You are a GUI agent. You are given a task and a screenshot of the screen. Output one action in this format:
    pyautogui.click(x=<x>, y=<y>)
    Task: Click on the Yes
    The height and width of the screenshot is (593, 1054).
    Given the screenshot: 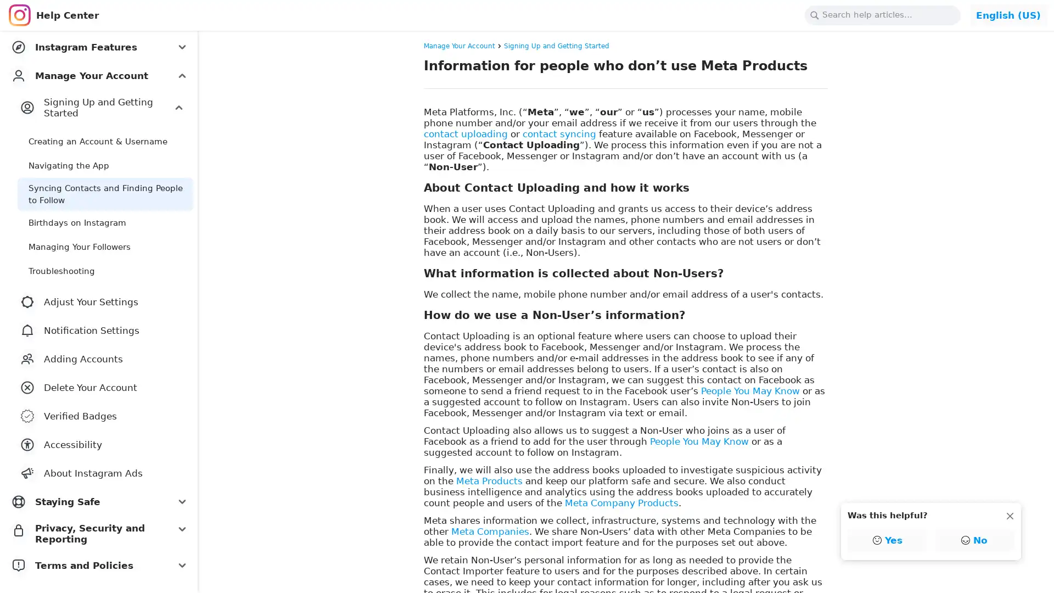 What is the action you would take?
    pyautogui.click(x=888, y=539)
    